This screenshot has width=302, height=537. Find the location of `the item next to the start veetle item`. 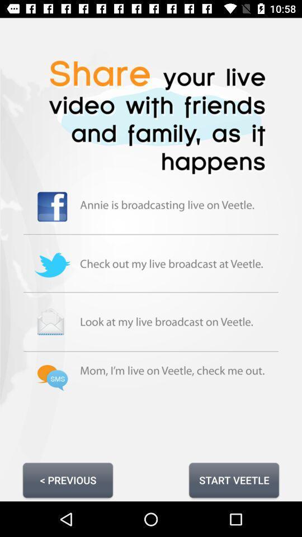

the item next to the start veetle item is located at coordinates (68, 479).